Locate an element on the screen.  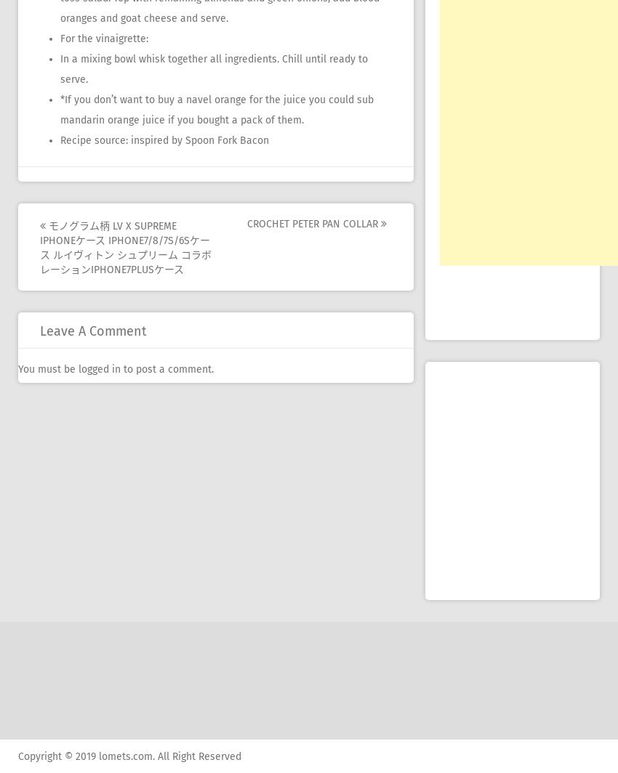
'crochet peter pan collar' is located at coordinates (313, 224).